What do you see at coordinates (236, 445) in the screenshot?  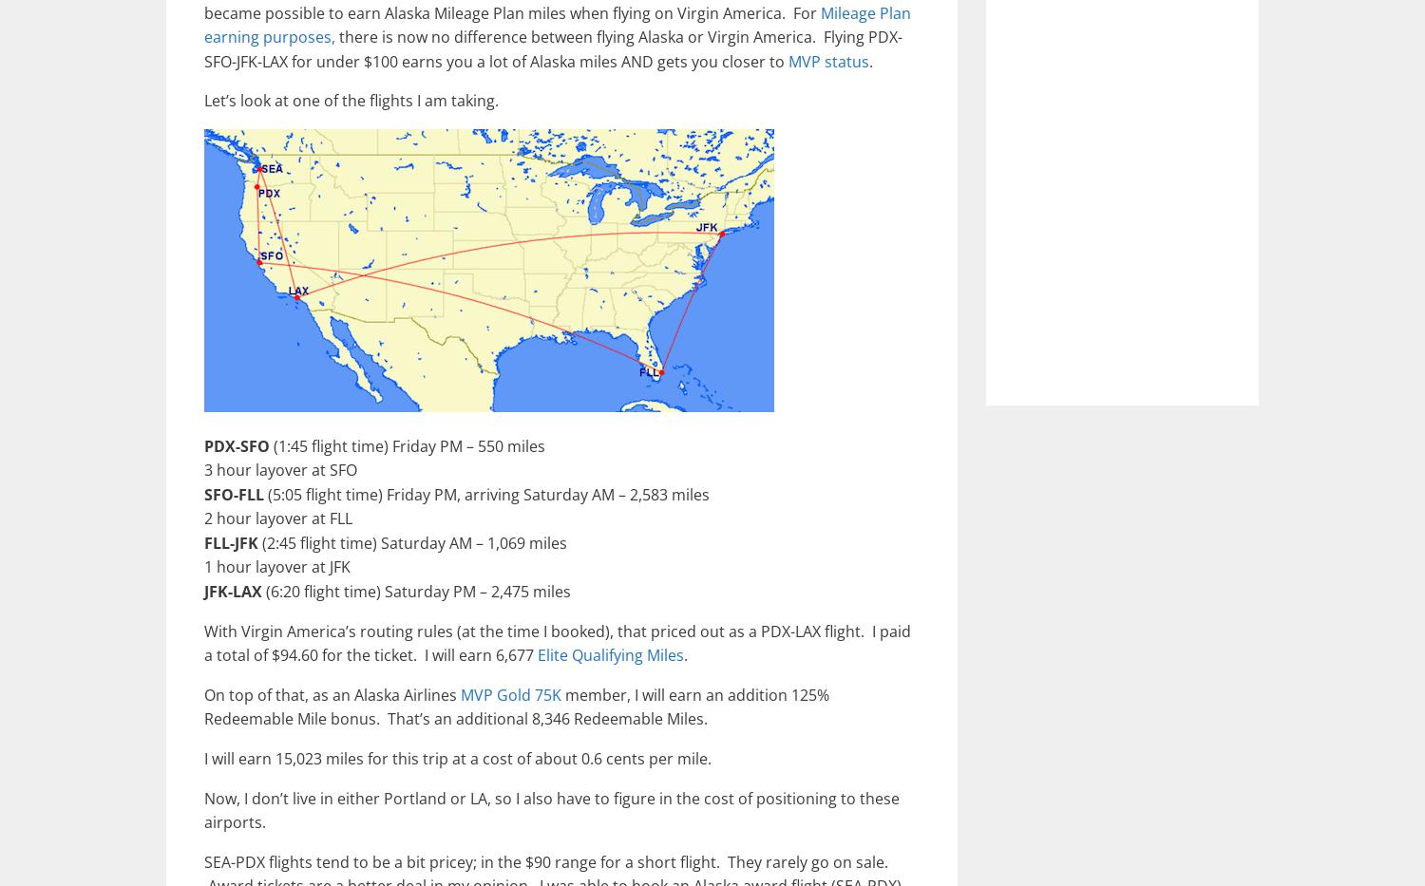 I see `'PDX-SFO'` at bounding box center [236, 445].